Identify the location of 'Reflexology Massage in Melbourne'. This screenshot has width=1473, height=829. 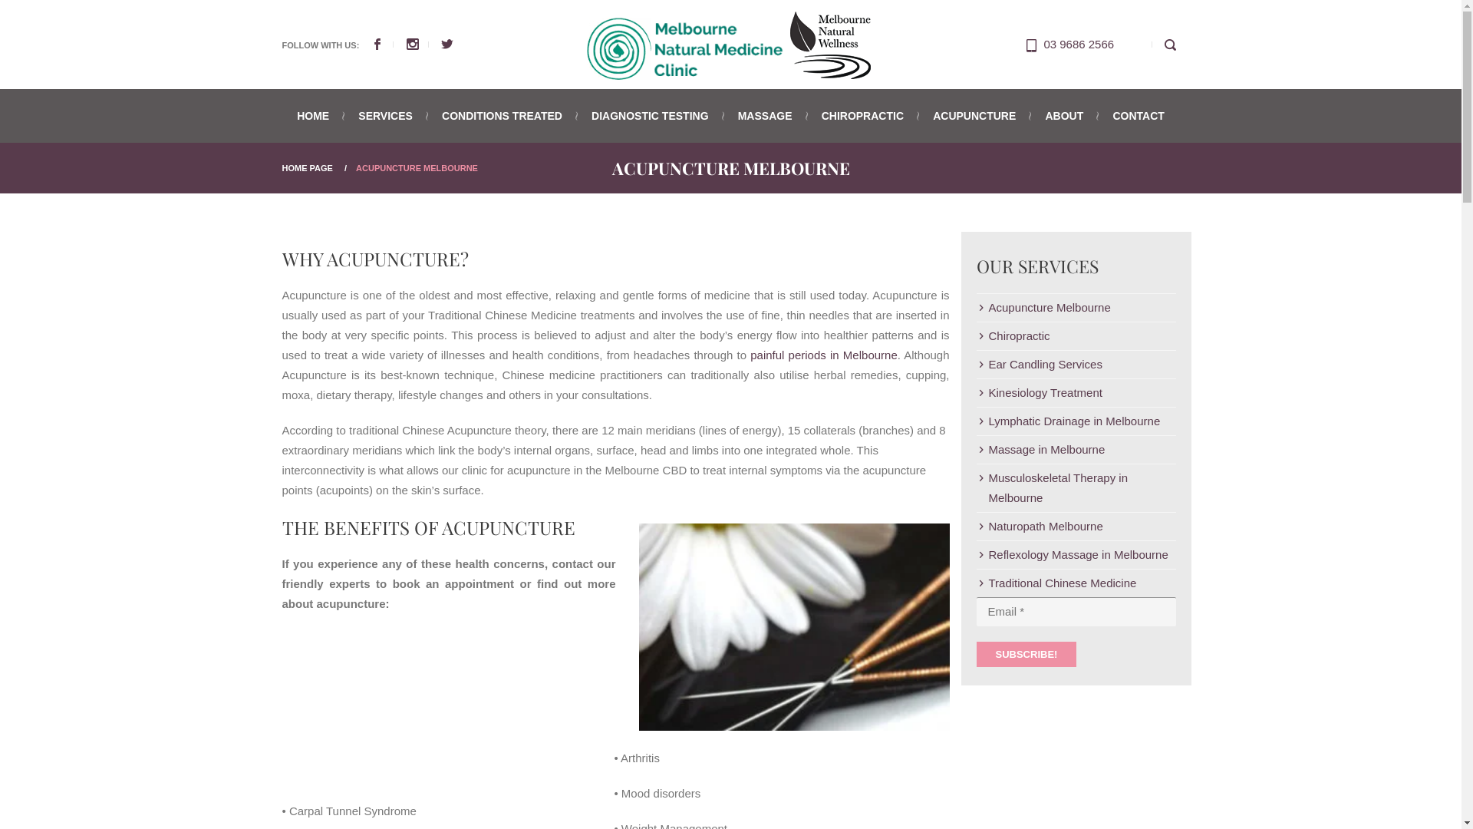
(975, 554).